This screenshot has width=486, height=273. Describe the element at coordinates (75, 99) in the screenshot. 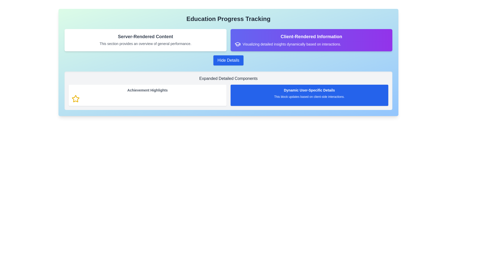

I see `the achievement icon located in the 'Achievement Highlights' section, which is centered below the 'Server-Rendered Content' header` at that location.